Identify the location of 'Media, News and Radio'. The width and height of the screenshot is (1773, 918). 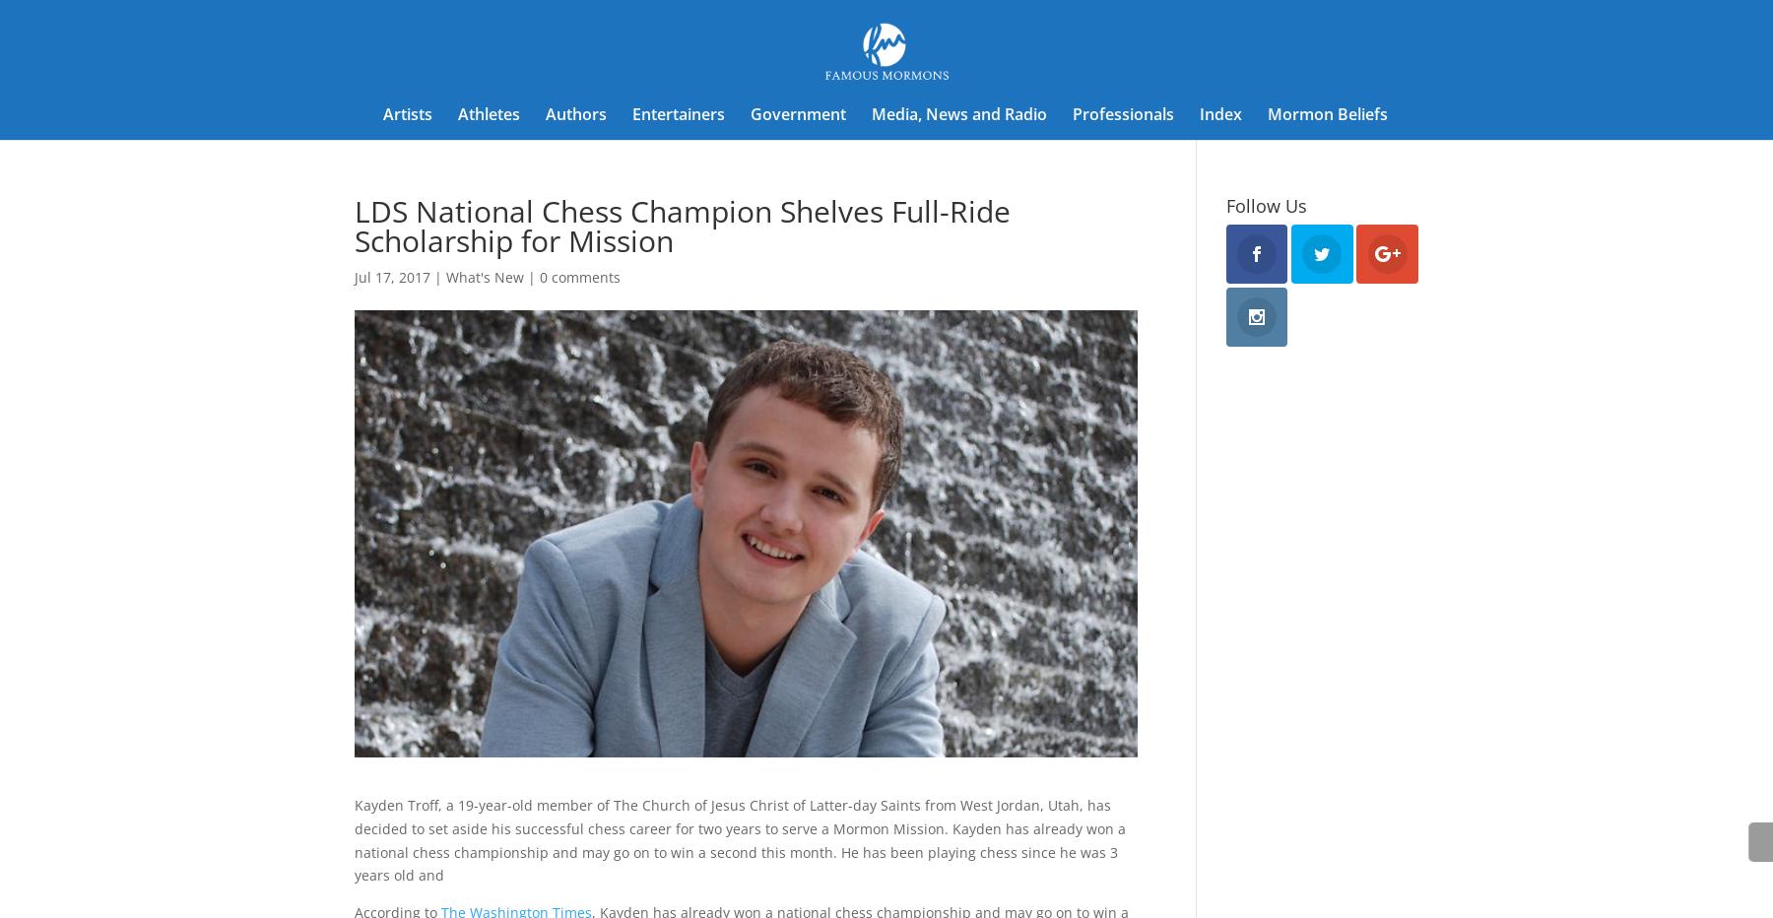
(957, 114).